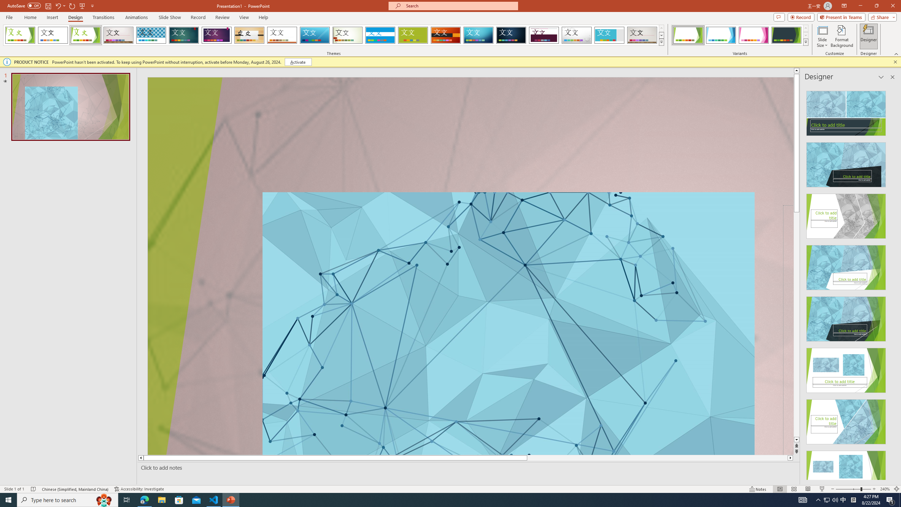 Image resolution: width=901 pixels, height=507 pixels. Describe the element at coordinates (845, 111) in the screenshot. I see `'Recommended Design: Design Idea'` at that location.